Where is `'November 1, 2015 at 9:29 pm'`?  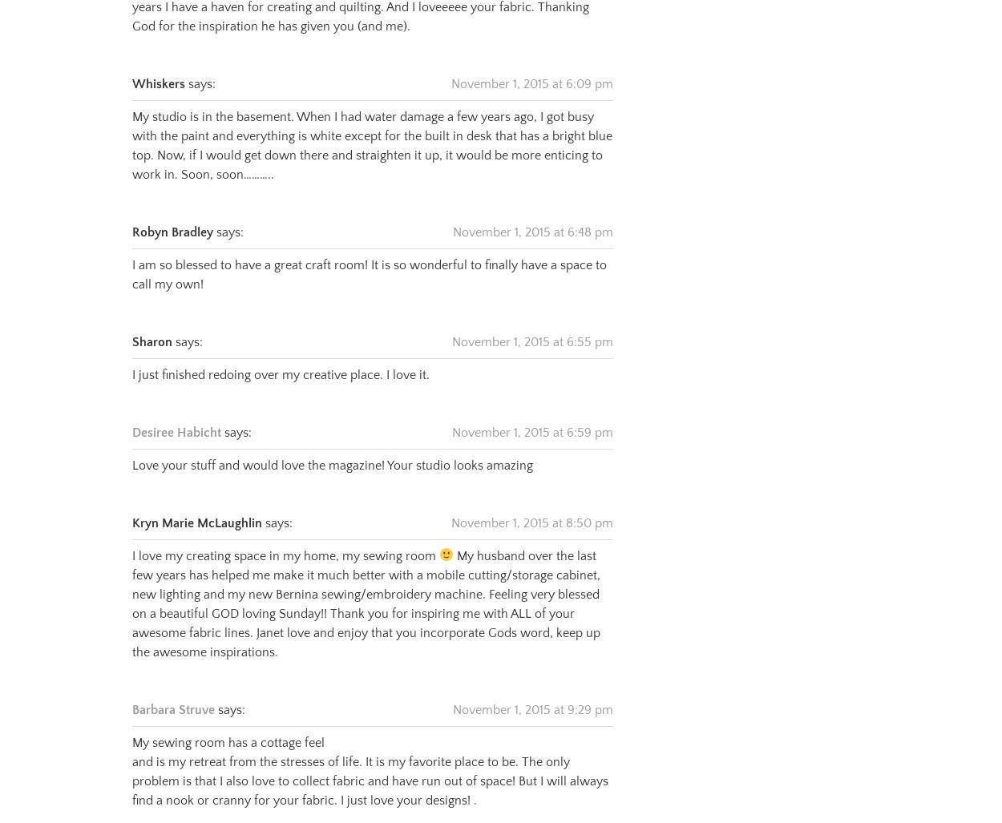 'November 1, 2015 at 9:29 pm' is located at coordinates (533, 689).